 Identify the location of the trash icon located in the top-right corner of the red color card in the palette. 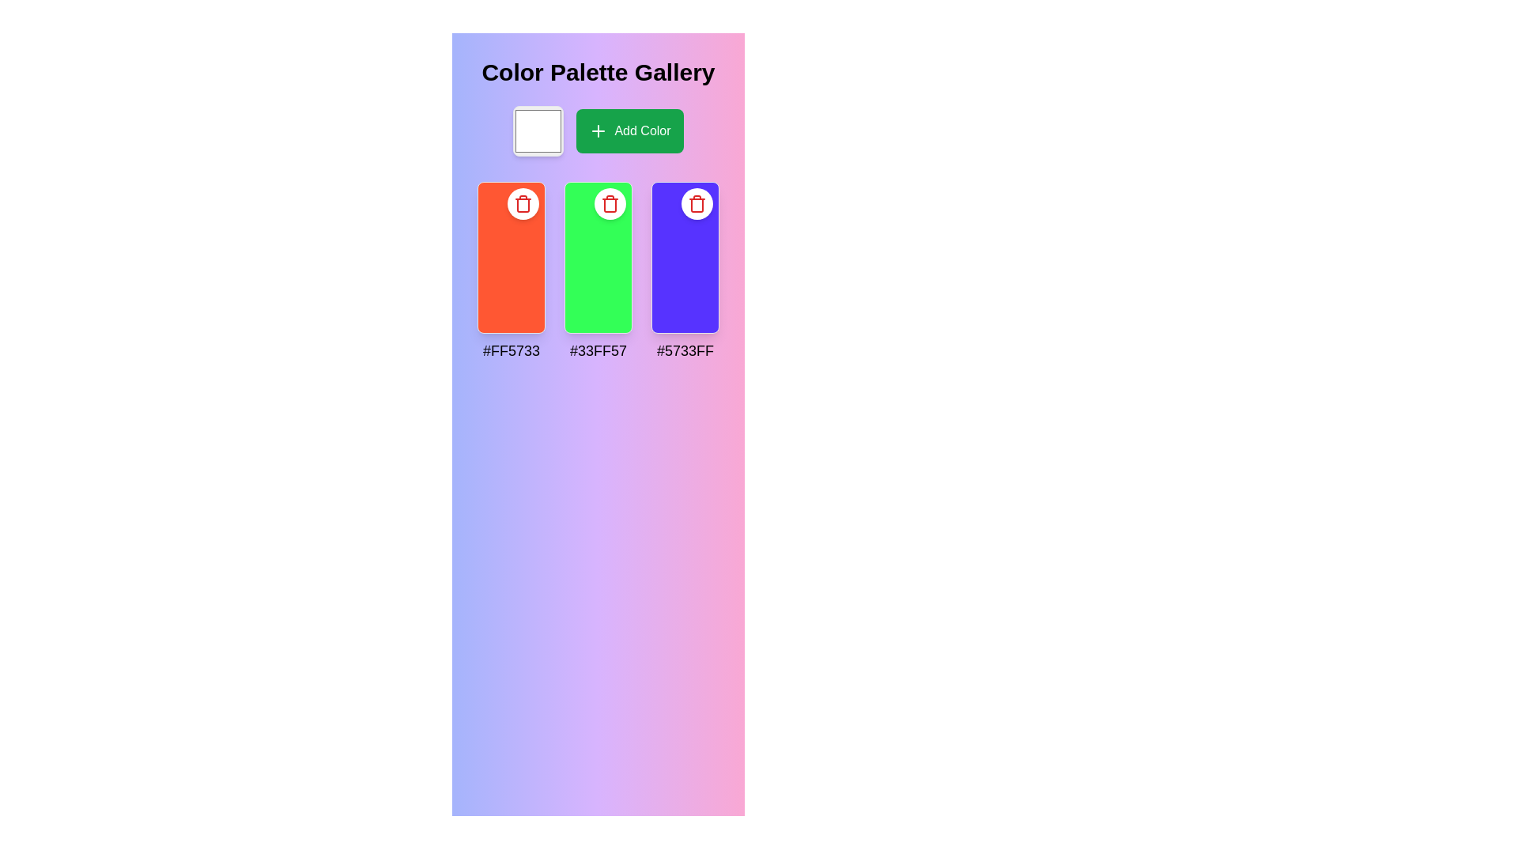
(523, 203).